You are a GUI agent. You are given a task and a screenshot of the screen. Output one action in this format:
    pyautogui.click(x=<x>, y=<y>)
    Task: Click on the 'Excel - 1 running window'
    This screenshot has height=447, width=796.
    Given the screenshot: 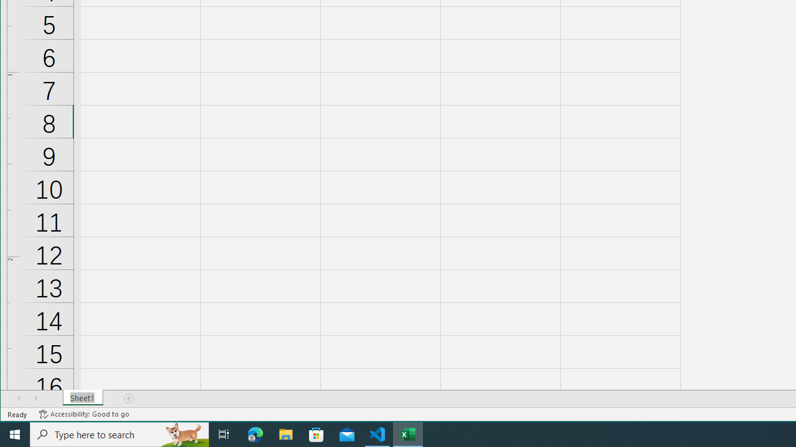 What is the action you would take?
    pyautogui.click(x=408, y=433)
    